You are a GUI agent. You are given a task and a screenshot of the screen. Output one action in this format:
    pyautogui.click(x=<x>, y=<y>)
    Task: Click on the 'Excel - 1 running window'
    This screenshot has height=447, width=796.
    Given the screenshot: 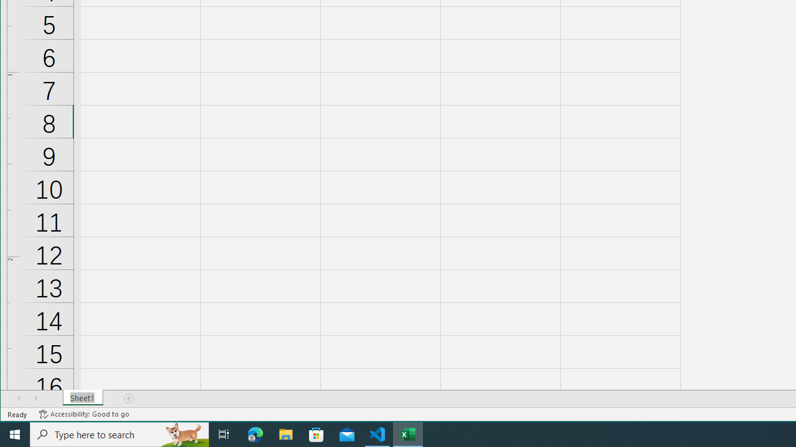 What is the action you would take?
    pyautogui.click(x=408, y=433)
    